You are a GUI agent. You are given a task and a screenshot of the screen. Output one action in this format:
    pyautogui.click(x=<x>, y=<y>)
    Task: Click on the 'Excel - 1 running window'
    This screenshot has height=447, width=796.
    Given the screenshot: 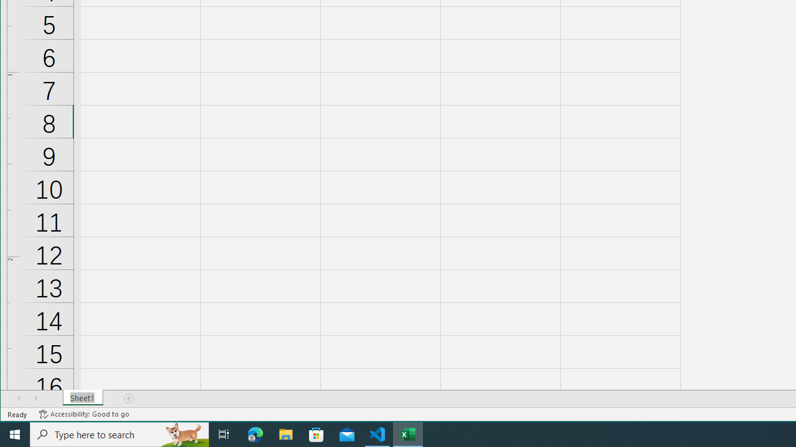 What is the action you would take?
    pyautogui.click(x=408, y=433)
    